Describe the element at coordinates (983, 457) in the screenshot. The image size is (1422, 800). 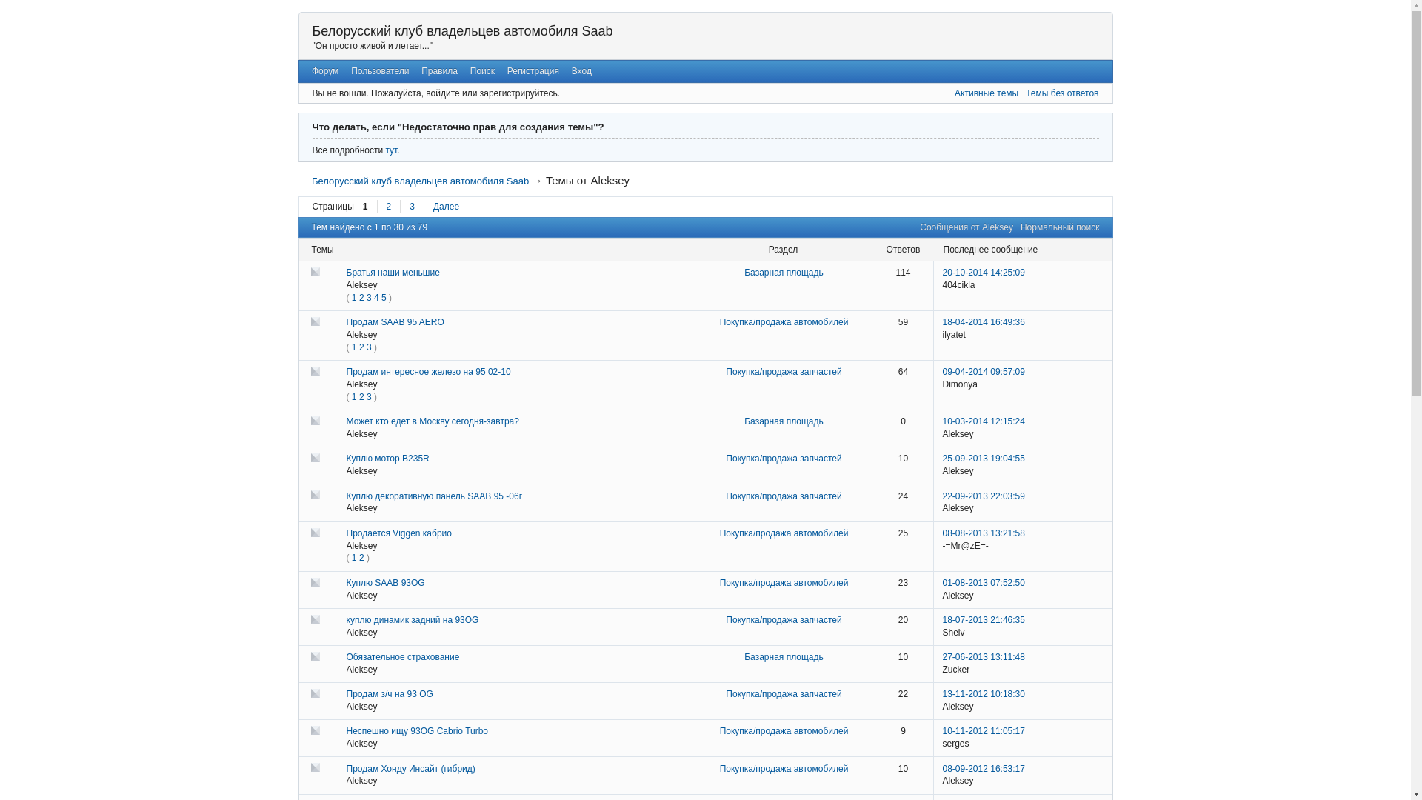
I see `'25-09-2013 19:04:55'` at that location.